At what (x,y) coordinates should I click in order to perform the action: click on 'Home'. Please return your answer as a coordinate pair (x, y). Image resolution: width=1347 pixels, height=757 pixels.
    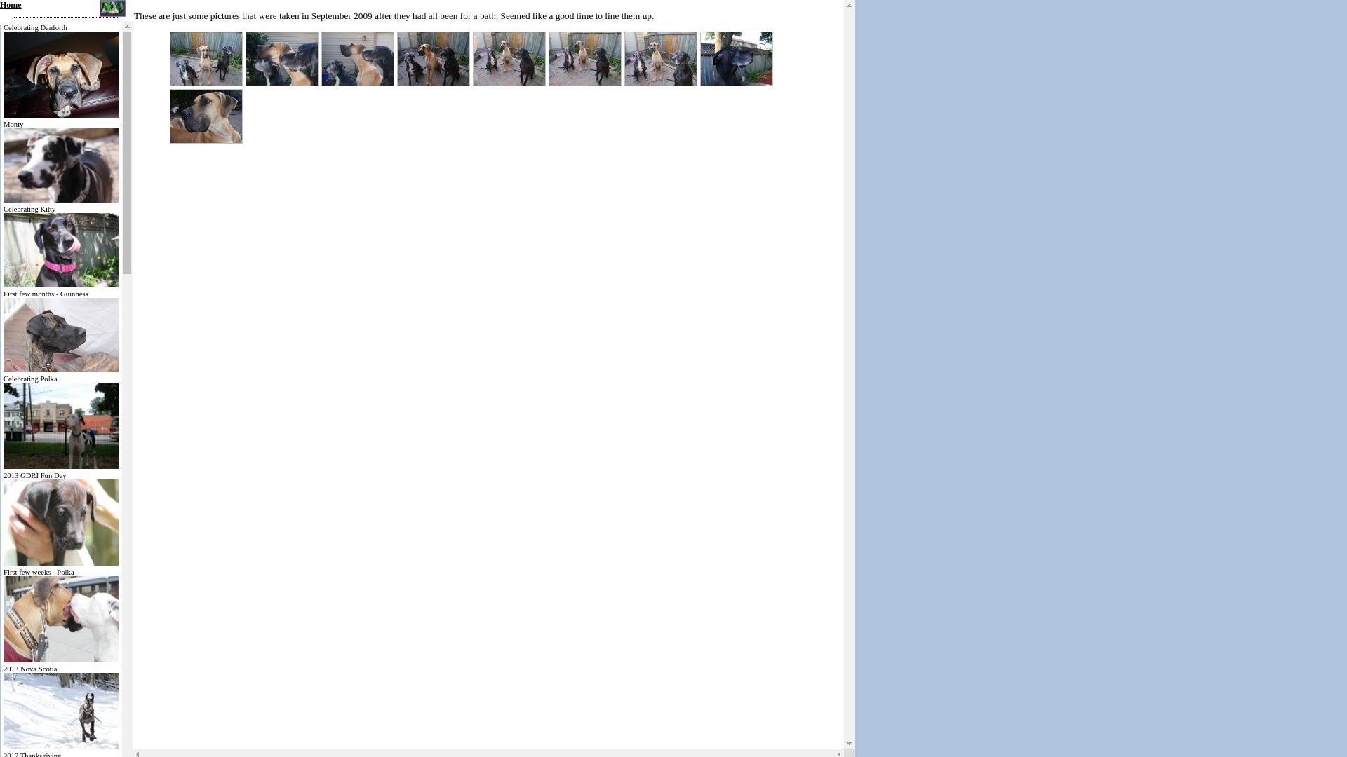
    Looking at the image, I should click on (0, 5).